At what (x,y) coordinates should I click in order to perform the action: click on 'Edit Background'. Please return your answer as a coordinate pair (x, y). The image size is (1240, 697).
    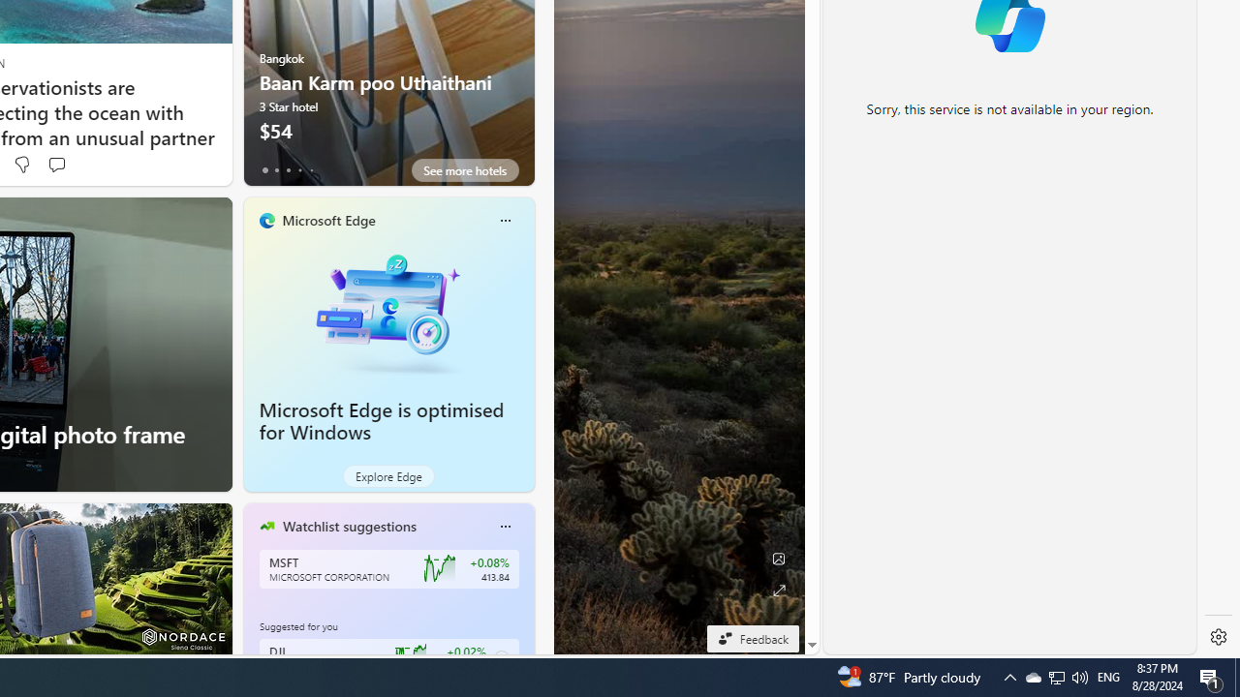
    Looking at the image, I should click on (778, 559).